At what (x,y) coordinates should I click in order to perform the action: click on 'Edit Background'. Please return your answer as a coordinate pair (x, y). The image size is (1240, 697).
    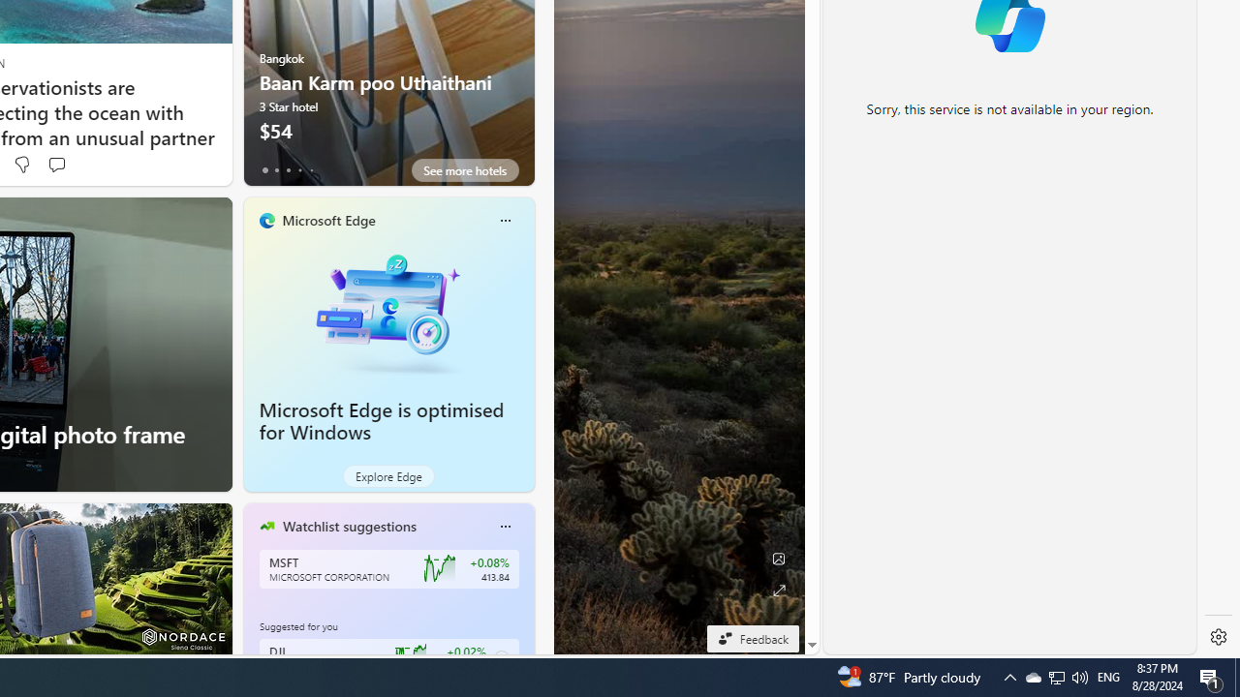
    Looking at the image, I should click on (778, 559).